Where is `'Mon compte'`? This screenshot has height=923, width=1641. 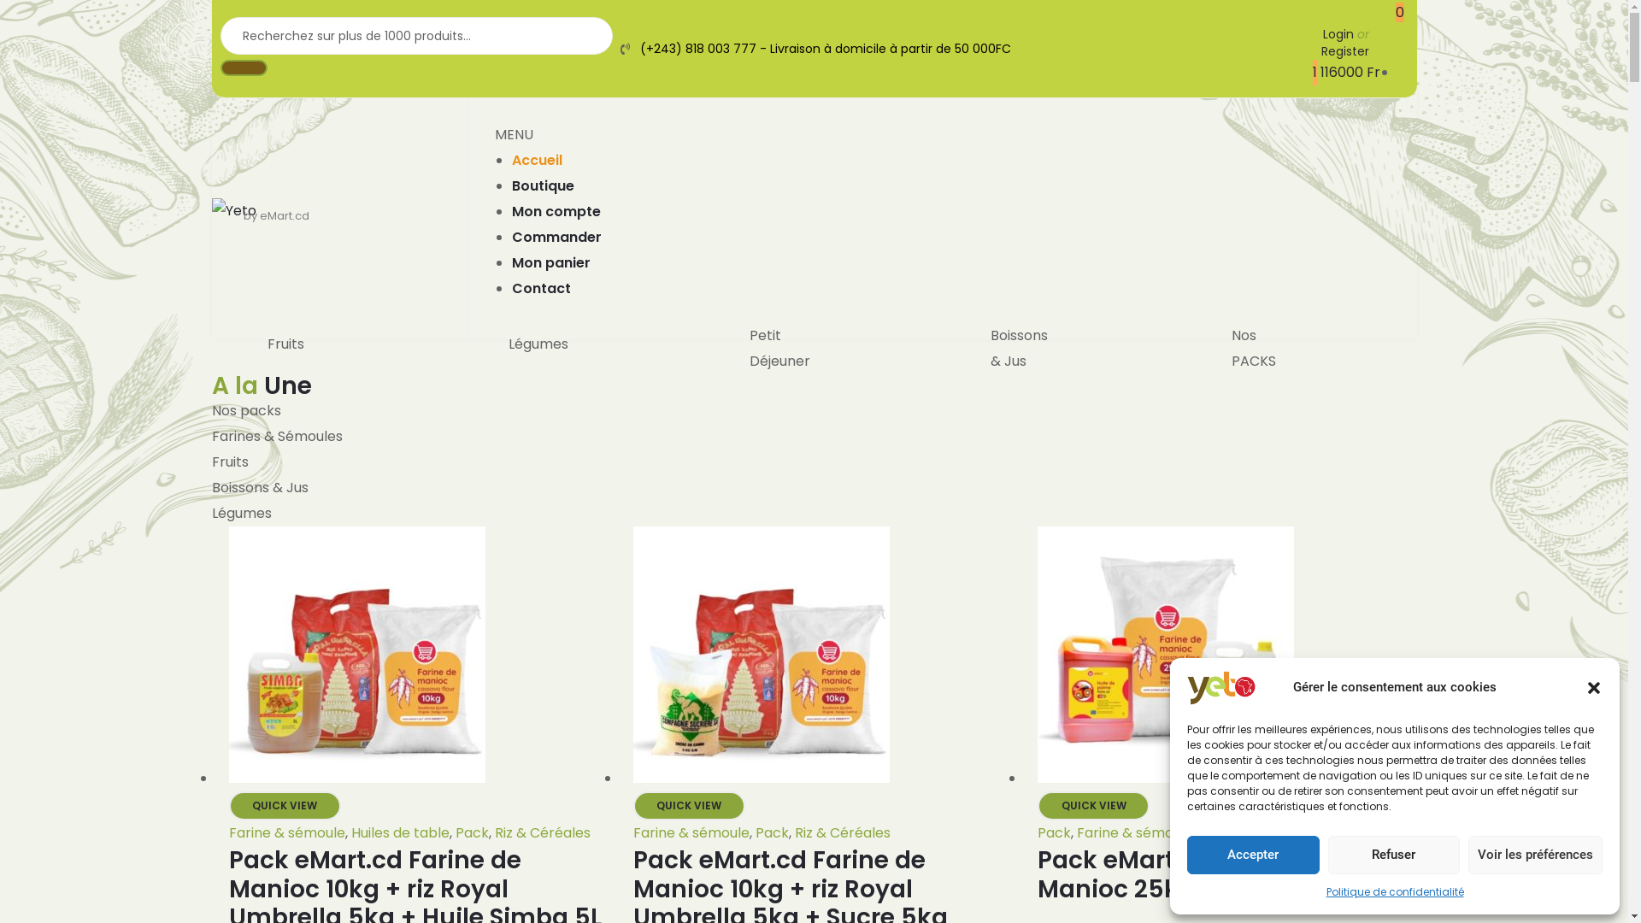
'Mon compte' is located at coordinates (511, 210).